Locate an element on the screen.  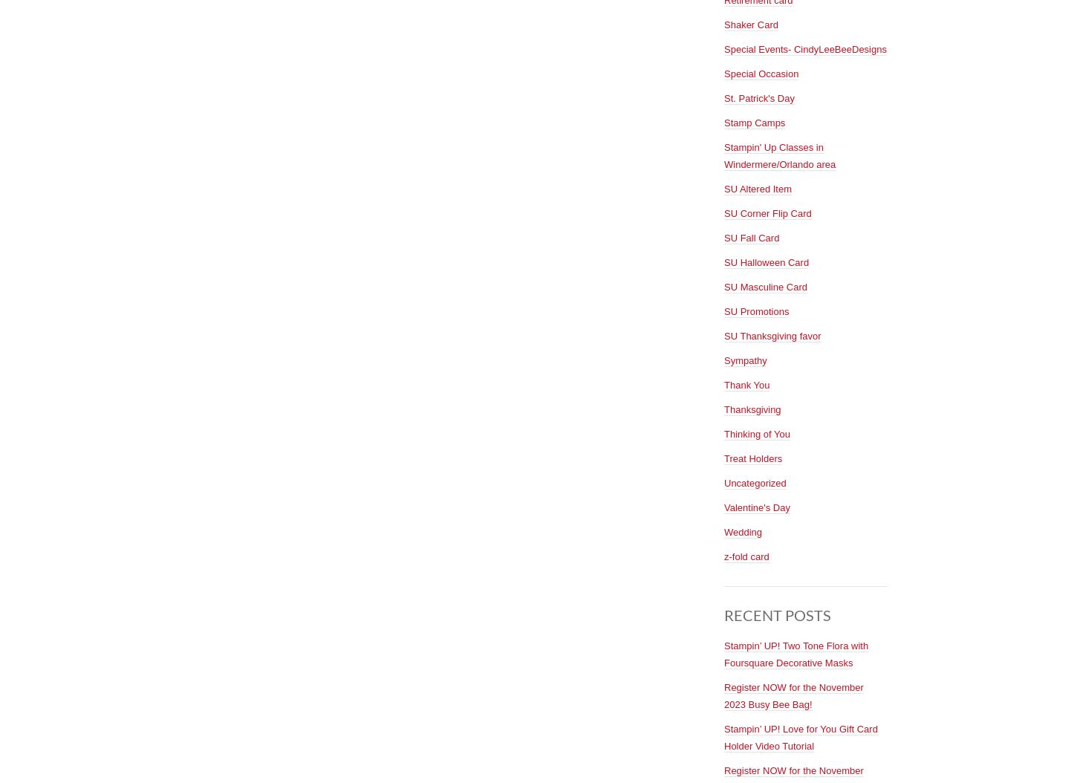
'Thinking of You' is located at coordinates (757, 432).